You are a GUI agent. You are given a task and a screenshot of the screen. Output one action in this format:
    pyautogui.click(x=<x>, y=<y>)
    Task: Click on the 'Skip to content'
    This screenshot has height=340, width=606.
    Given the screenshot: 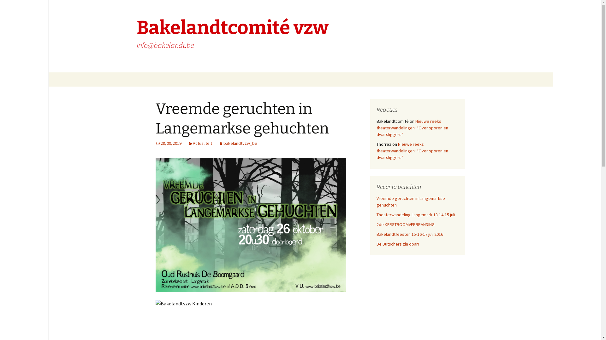 What is the action you would take?
    pyautogui.click(x=146, y=76)
    